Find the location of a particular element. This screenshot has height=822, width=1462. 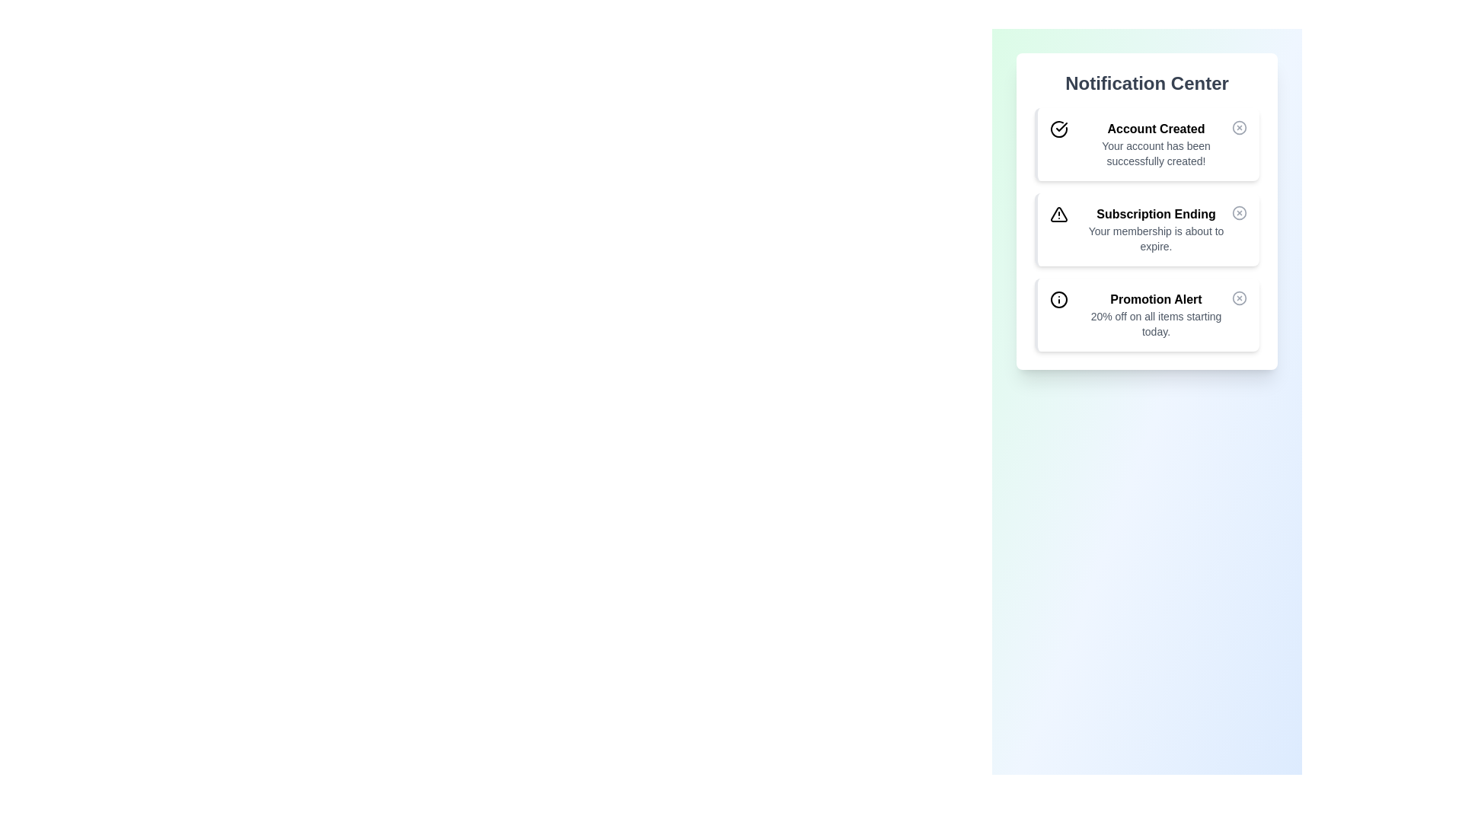

the Textual Announcement Display that reads 'Promotion Alert' and indicates '20% off on all items starting today.' is located at coordinates (1156, 314).